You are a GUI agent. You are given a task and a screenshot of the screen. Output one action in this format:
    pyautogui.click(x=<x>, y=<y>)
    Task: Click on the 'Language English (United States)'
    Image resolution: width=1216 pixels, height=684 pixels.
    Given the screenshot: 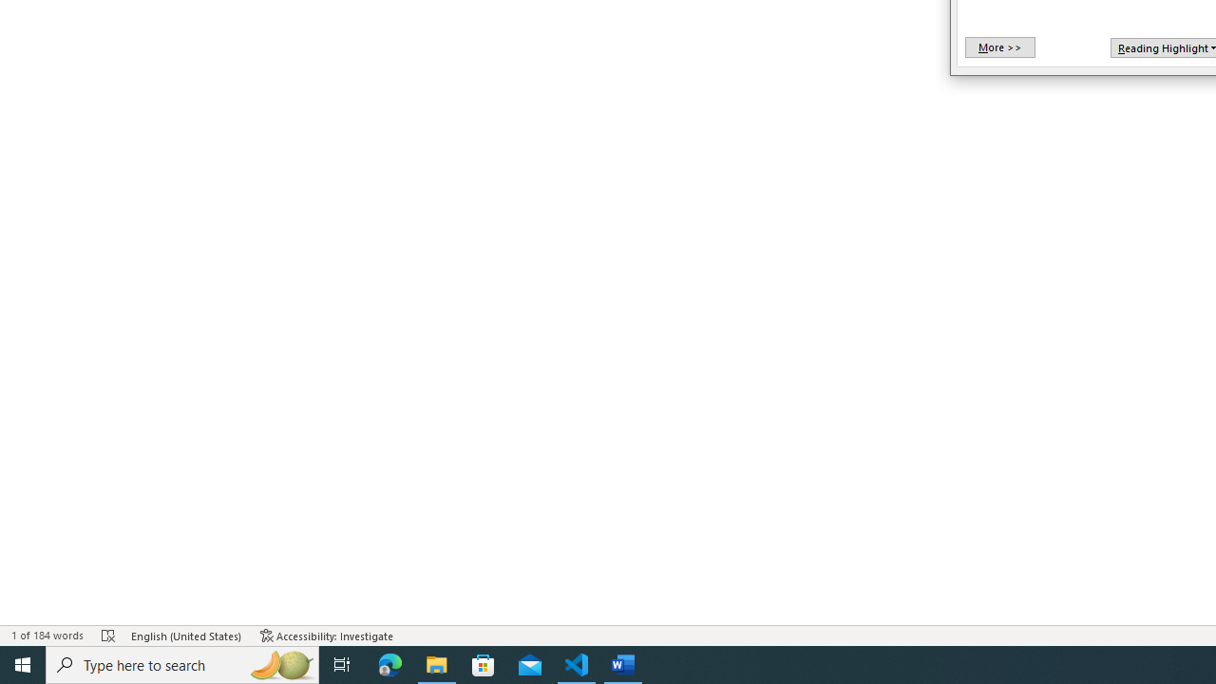 What is the action you would take?
    pyautogui.click(x=186, y=636)
    